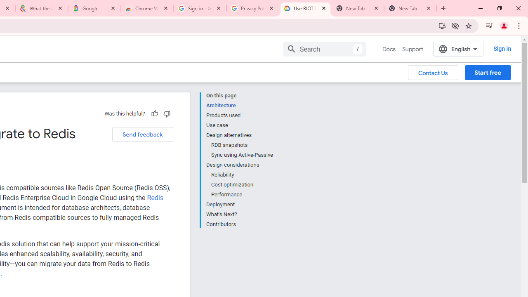 Image resolution: width=528 pixels, height=297 pixels. Describe the element at coordinates (433, 72) in the screenshot. I see `'Contact Us'` at that location.